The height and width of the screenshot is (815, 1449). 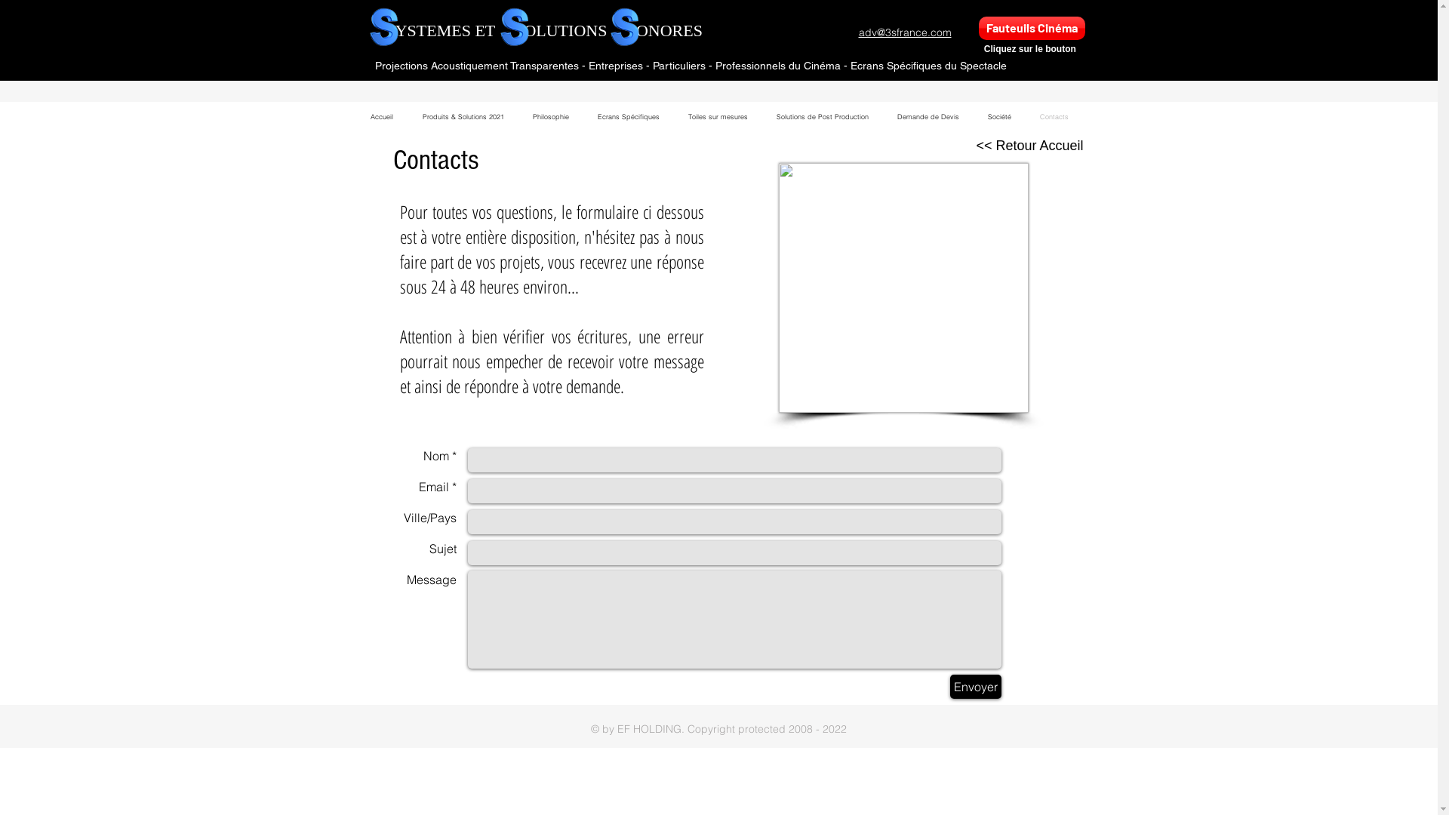 What do you see at coordinates (382, 115) in the screenshot?
I see `'Accueil'` at bounding box center [382, 115].